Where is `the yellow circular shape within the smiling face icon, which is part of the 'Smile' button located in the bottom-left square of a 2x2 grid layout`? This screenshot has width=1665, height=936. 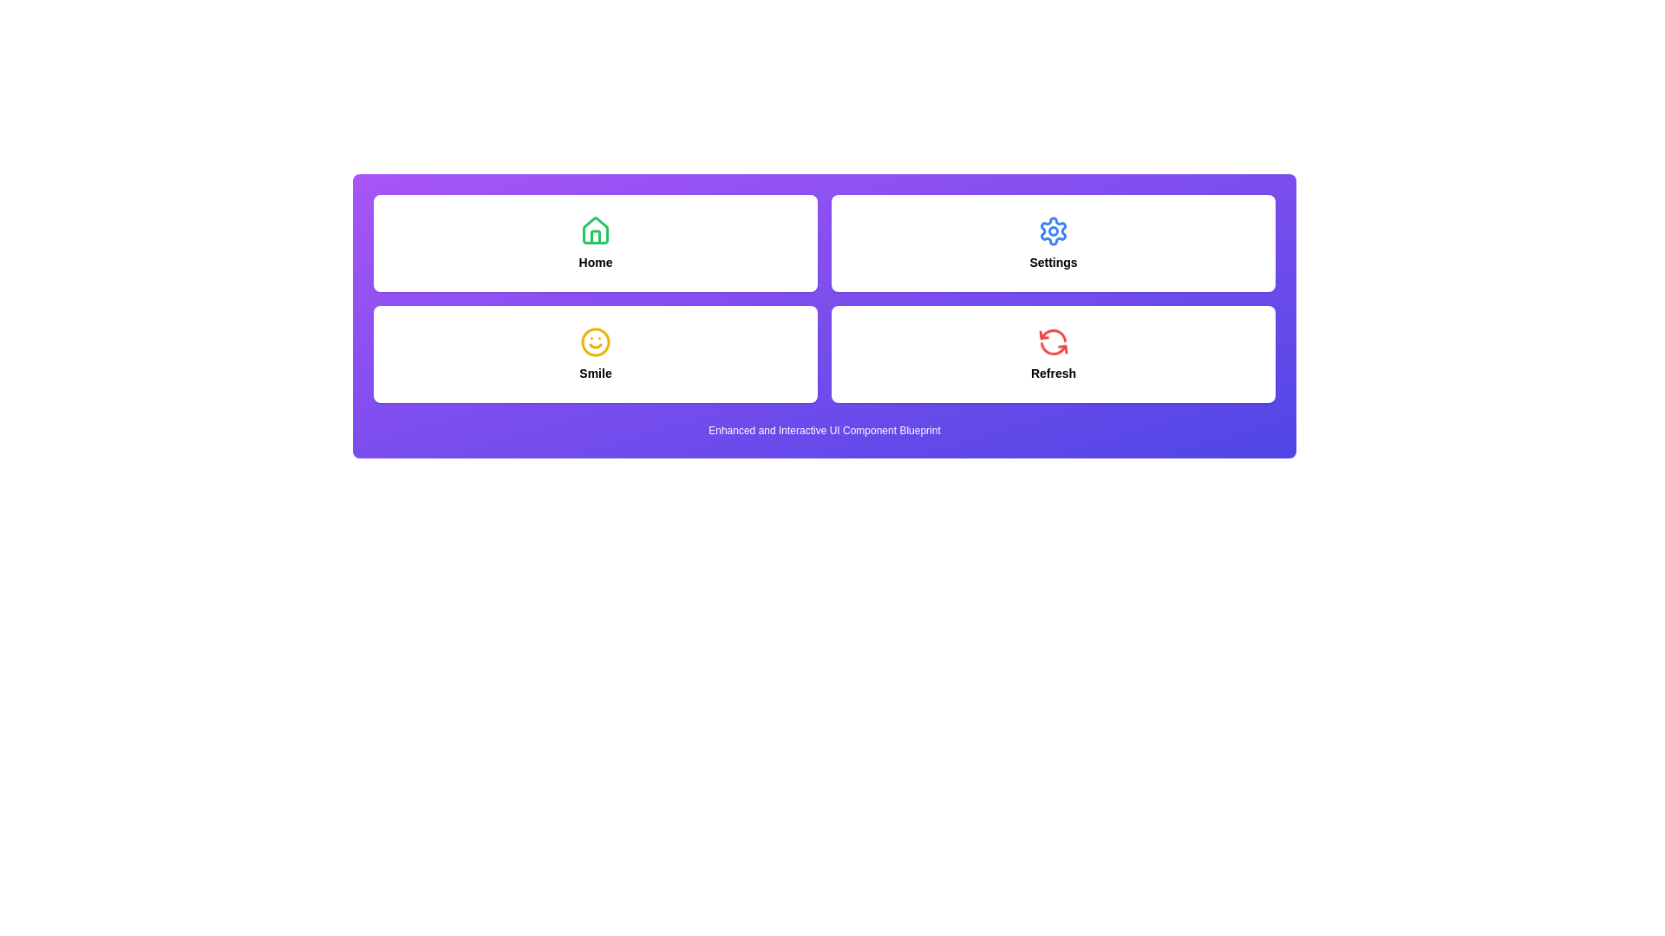
the yellow circular shape within the smiling face icon, which is part of the 'Smile' button located in the bottom-left square of a 2x2 grid layout is located at coordinates (595, 341).